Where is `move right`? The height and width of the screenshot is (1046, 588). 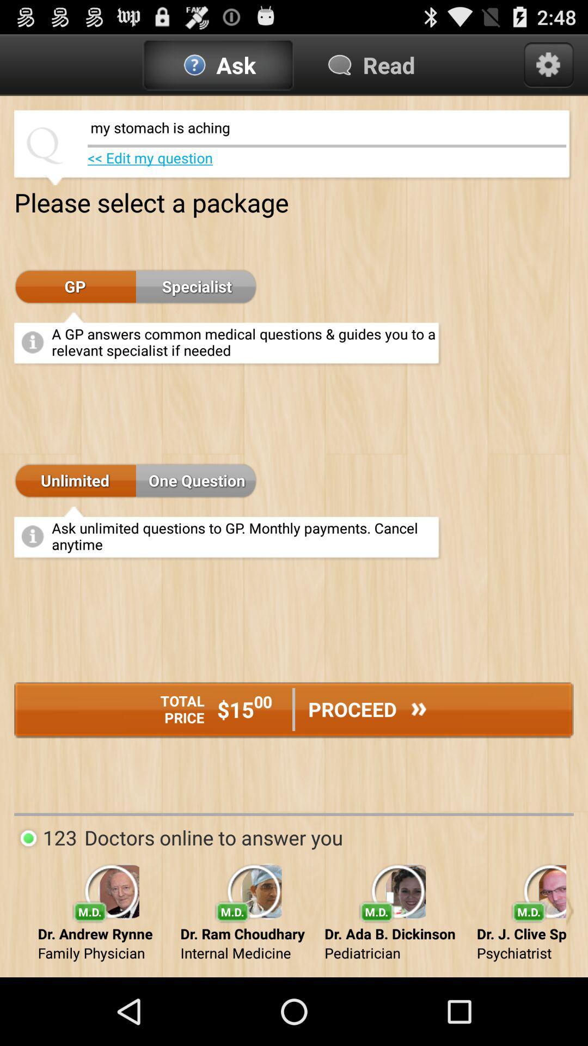 move right is located at coordinates (569, 911).